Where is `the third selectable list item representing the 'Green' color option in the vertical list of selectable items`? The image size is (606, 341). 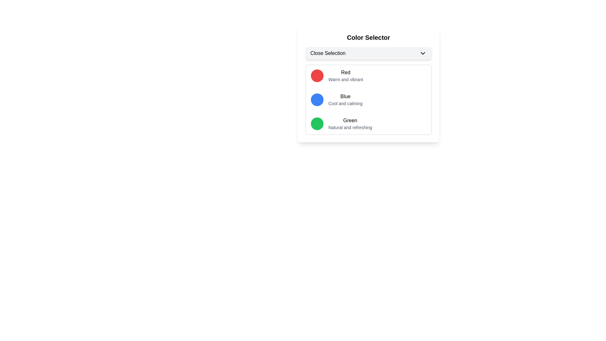 the third selectable list item representing the 'Green' color option in the vertical list of selectable items is located at coordinates (368, 124).